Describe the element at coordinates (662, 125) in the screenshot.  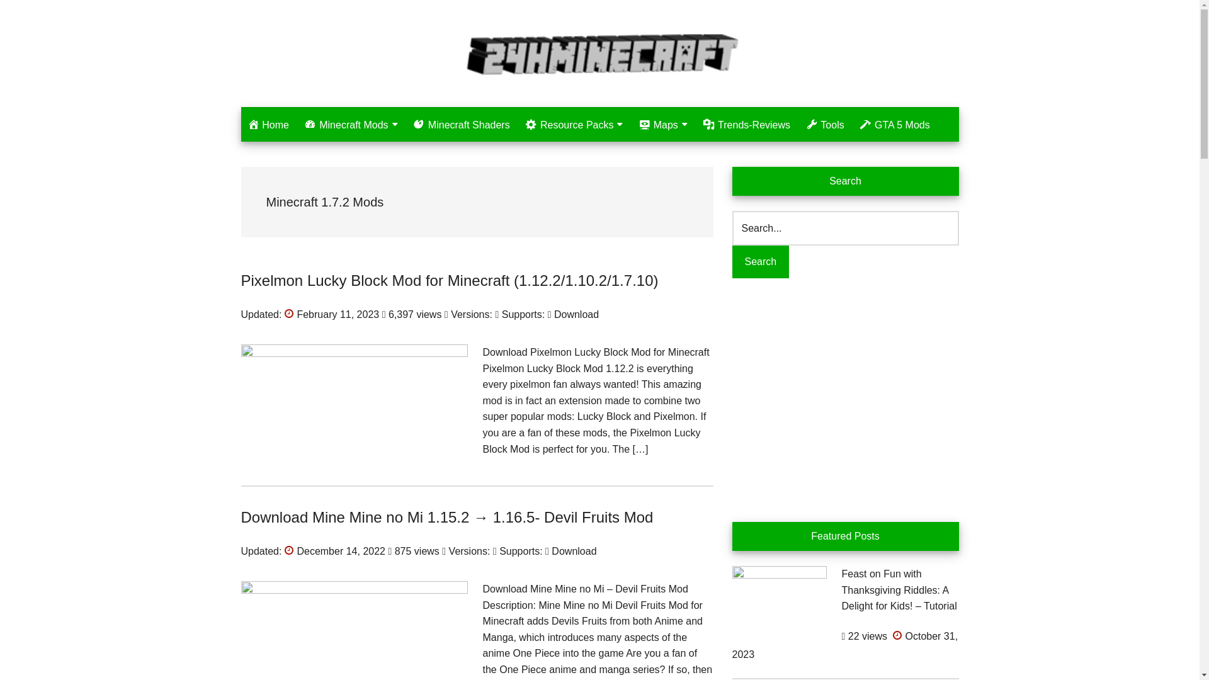
I see `'Maps'` at that location.